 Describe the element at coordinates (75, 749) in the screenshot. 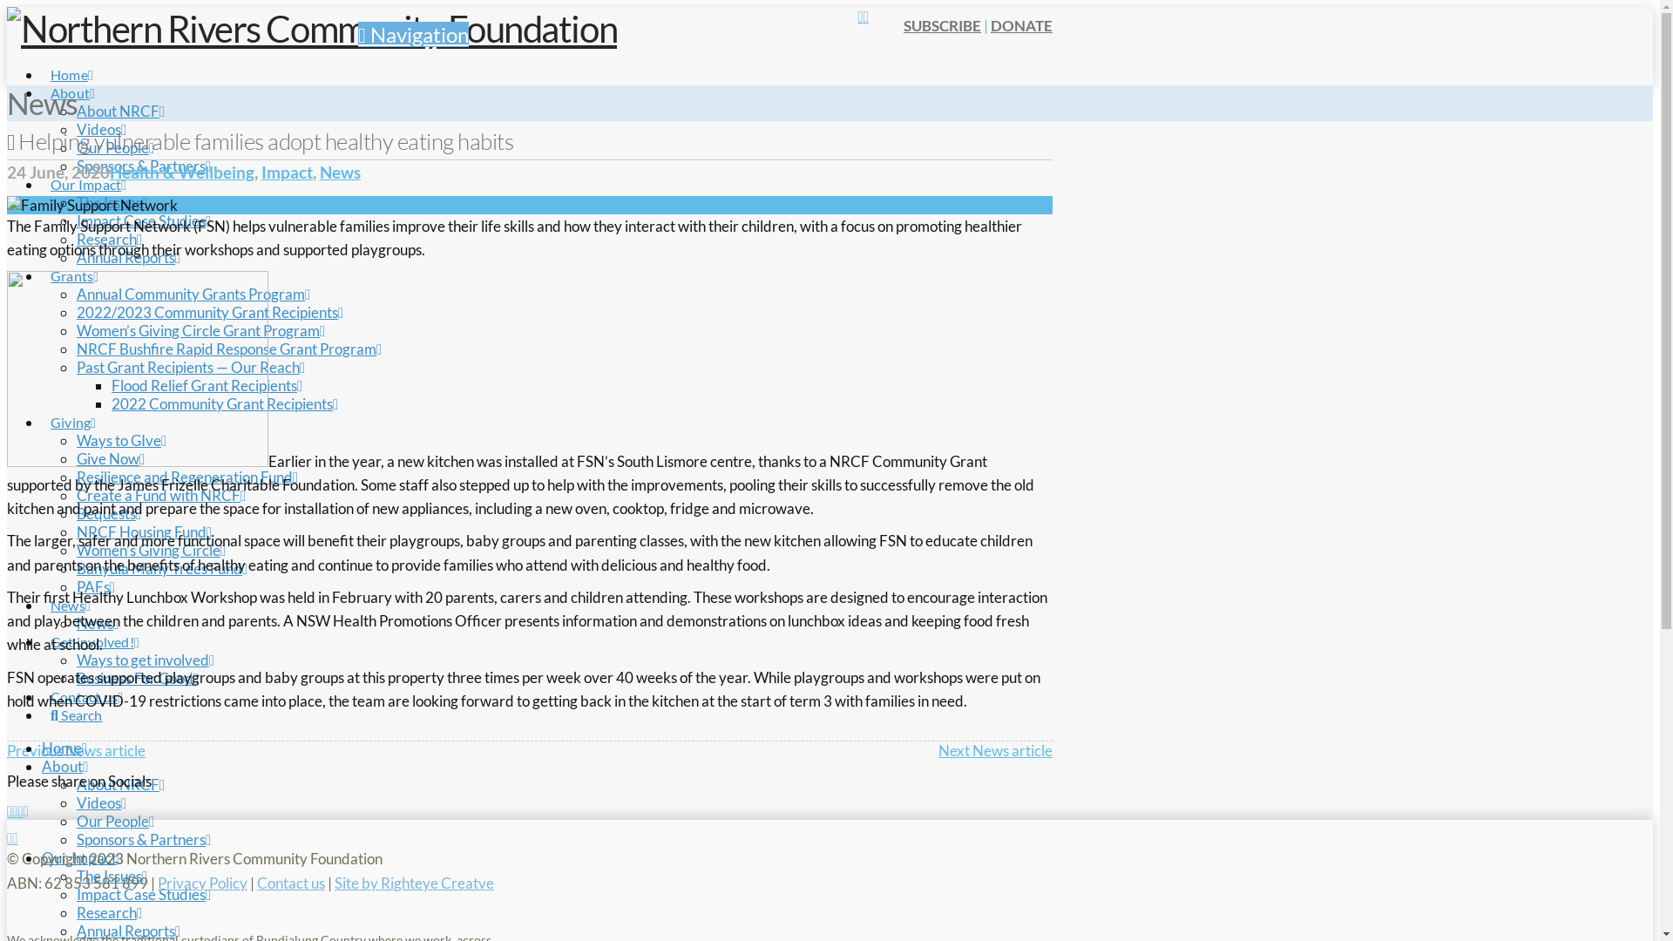

I see `'Previous News article'` at that location.